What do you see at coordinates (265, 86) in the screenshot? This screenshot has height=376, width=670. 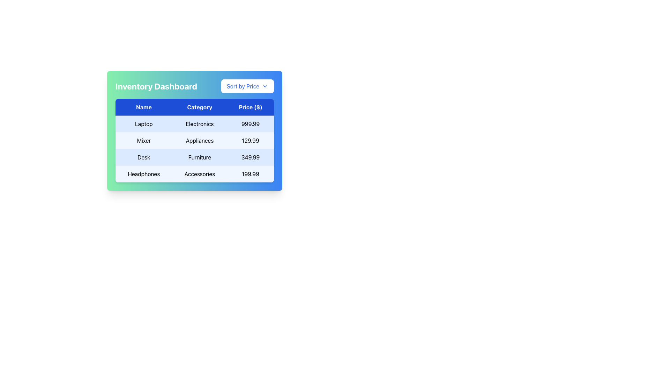 I see `the downward-pointing chevron icon next to the 'Sort by Price' button` at bounding box center [265, 86].